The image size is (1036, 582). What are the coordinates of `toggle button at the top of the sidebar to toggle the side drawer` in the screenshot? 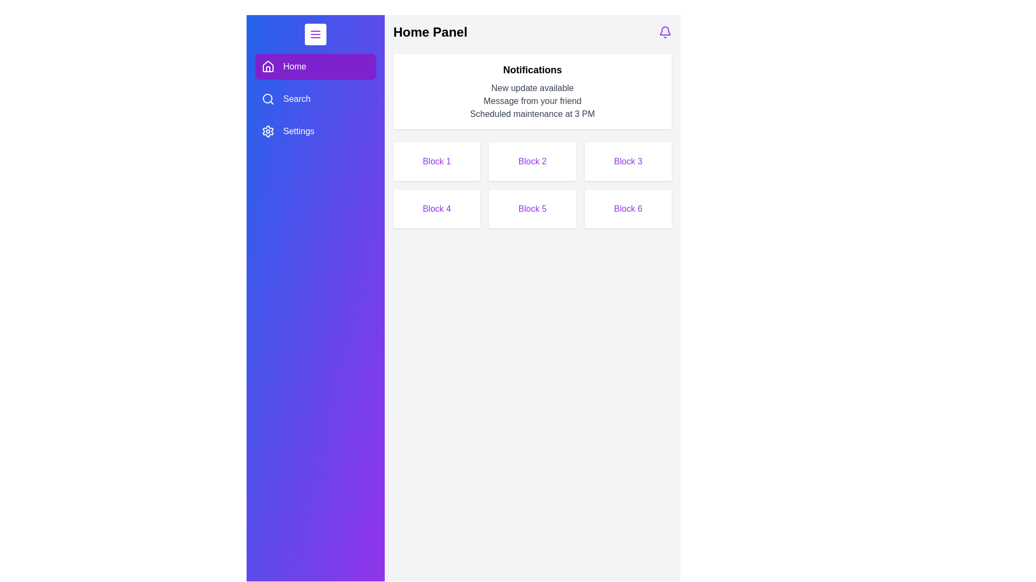 It's located at (315, 34).